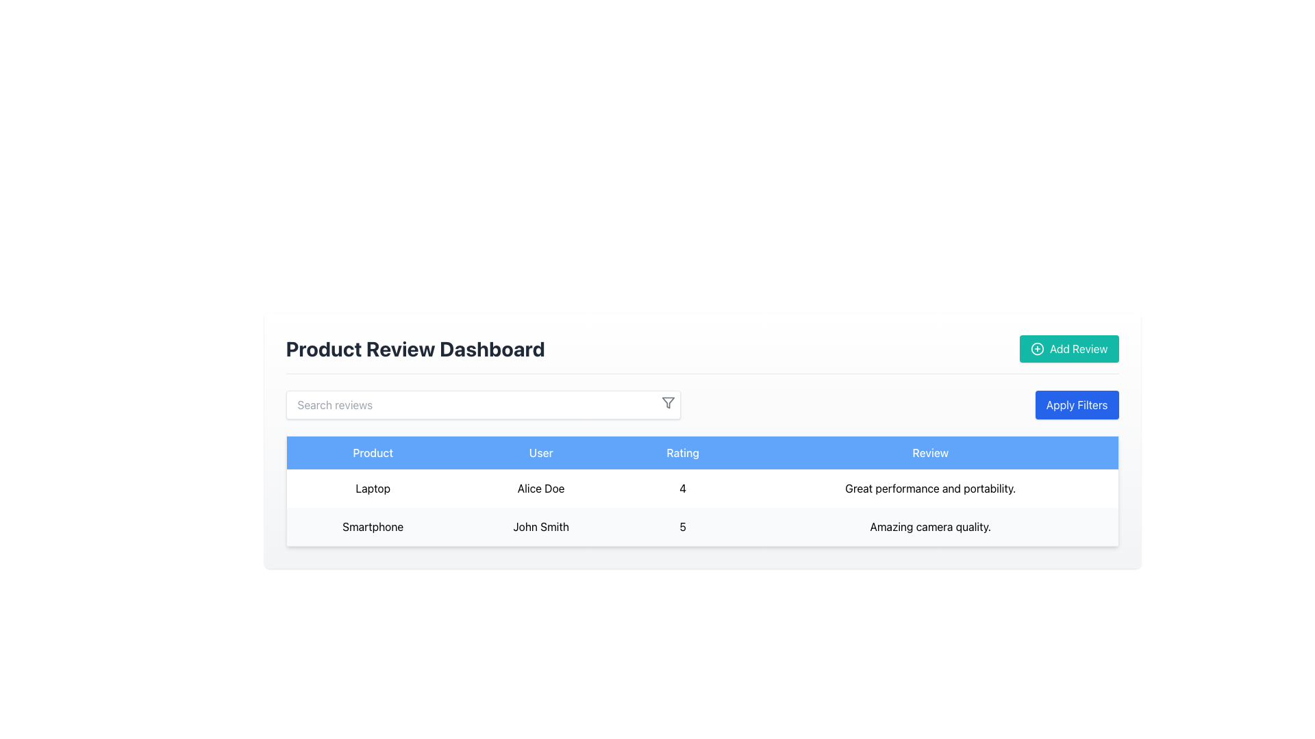 The image size is (1315, 739). I want to click on the filter application button located in the top-right corner of the section containing a table to apply filters based on the specified criteria, so click(1075, 404).